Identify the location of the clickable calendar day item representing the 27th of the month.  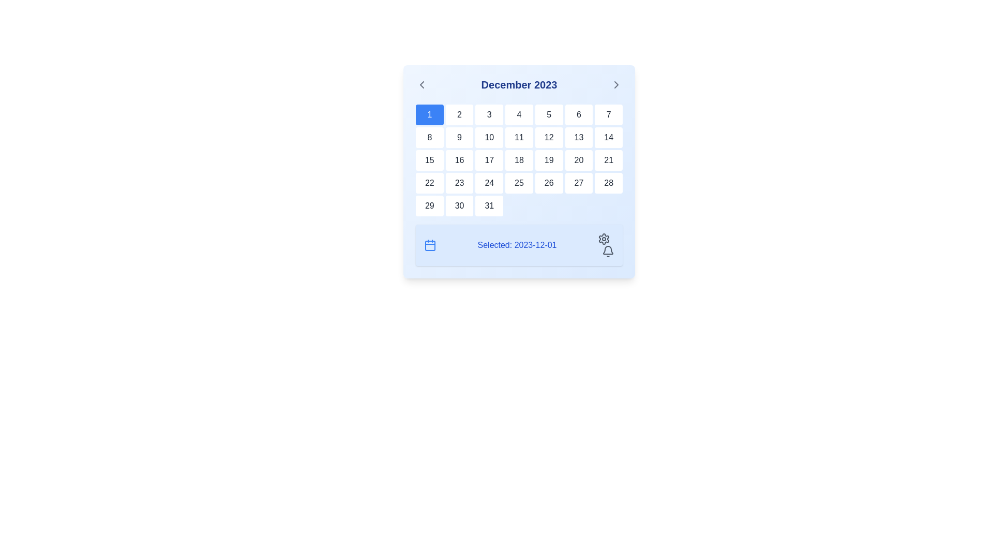
(578, 183).